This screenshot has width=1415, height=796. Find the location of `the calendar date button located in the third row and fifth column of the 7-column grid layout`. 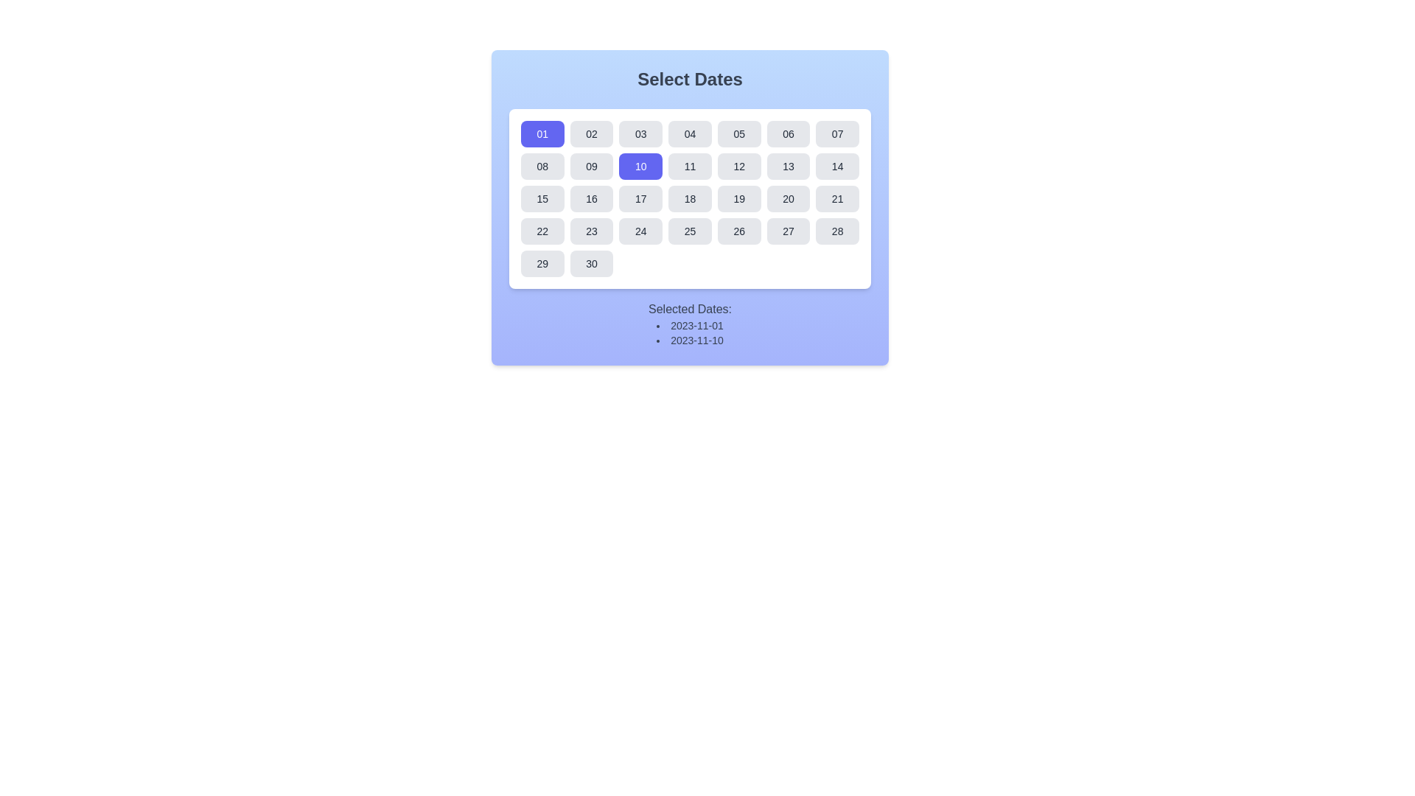

the calendar date button located in the third row and fifth column of the 7-column grid layout is located at coordinates (739, 199).